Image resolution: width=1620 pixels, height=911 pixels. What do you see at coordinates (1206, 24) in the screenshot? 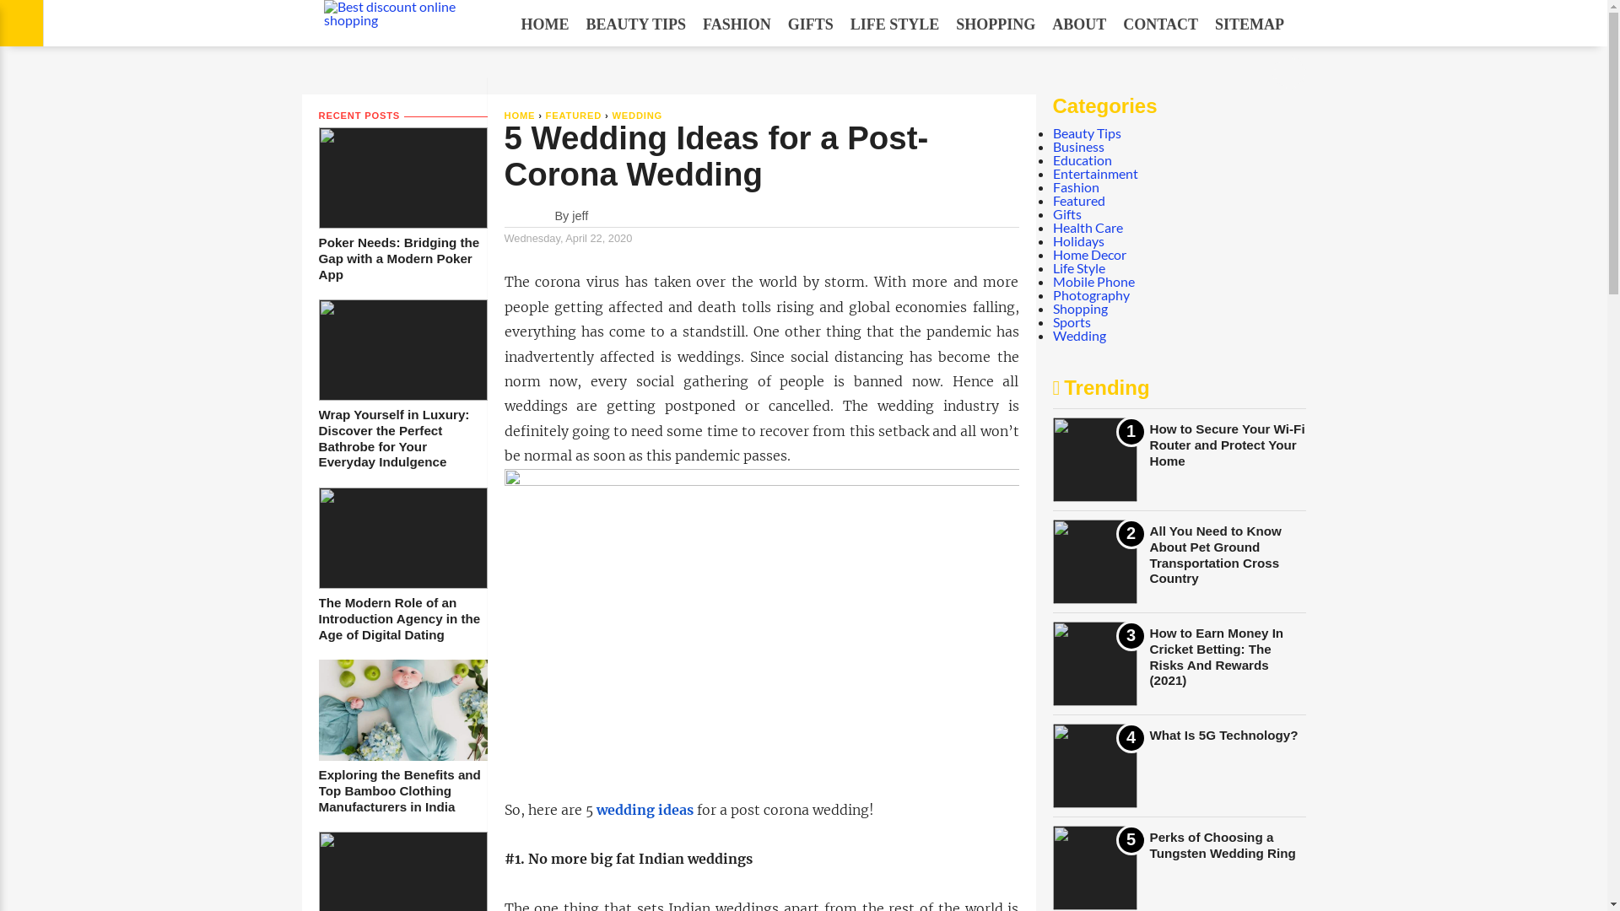
I see `'SITEMAP'` at bounding box center [1206, 24].